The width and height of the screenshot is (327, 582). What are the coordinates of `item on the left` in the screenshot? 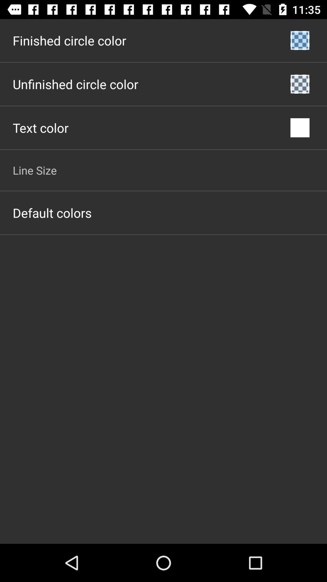 It's located at (52, 212).